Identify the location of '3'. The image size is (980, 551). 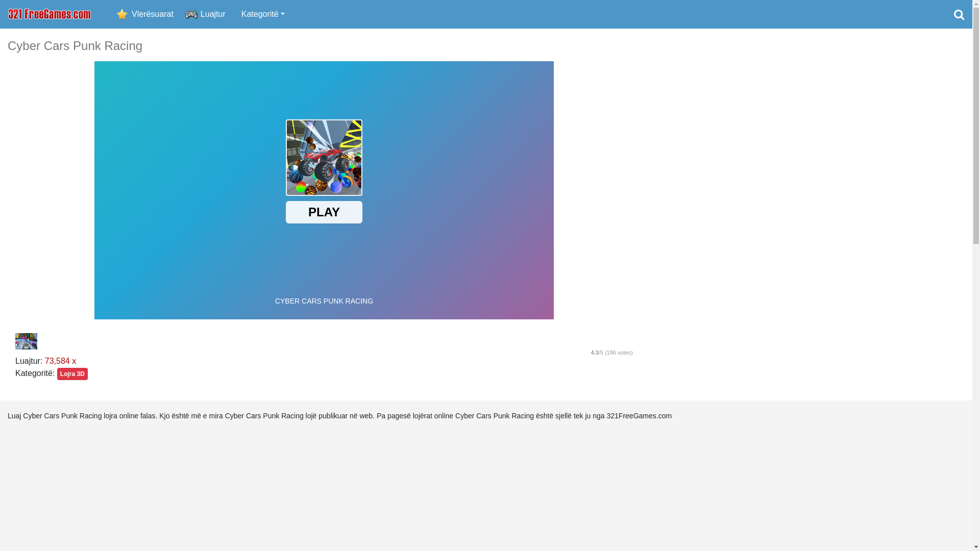
(595, 340).